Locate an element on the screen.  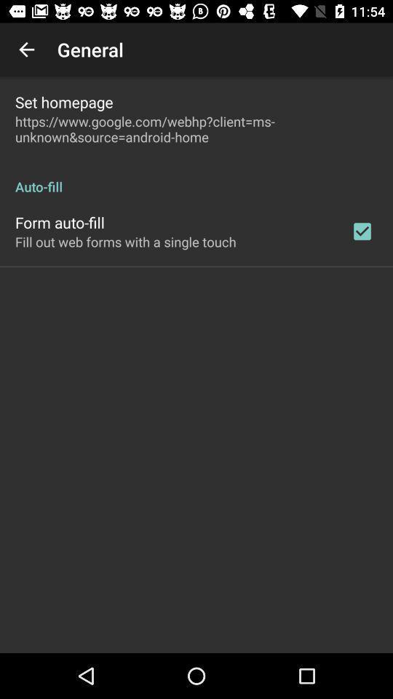
the icon above the auto-fill icon is located at coordinates (196, 128).